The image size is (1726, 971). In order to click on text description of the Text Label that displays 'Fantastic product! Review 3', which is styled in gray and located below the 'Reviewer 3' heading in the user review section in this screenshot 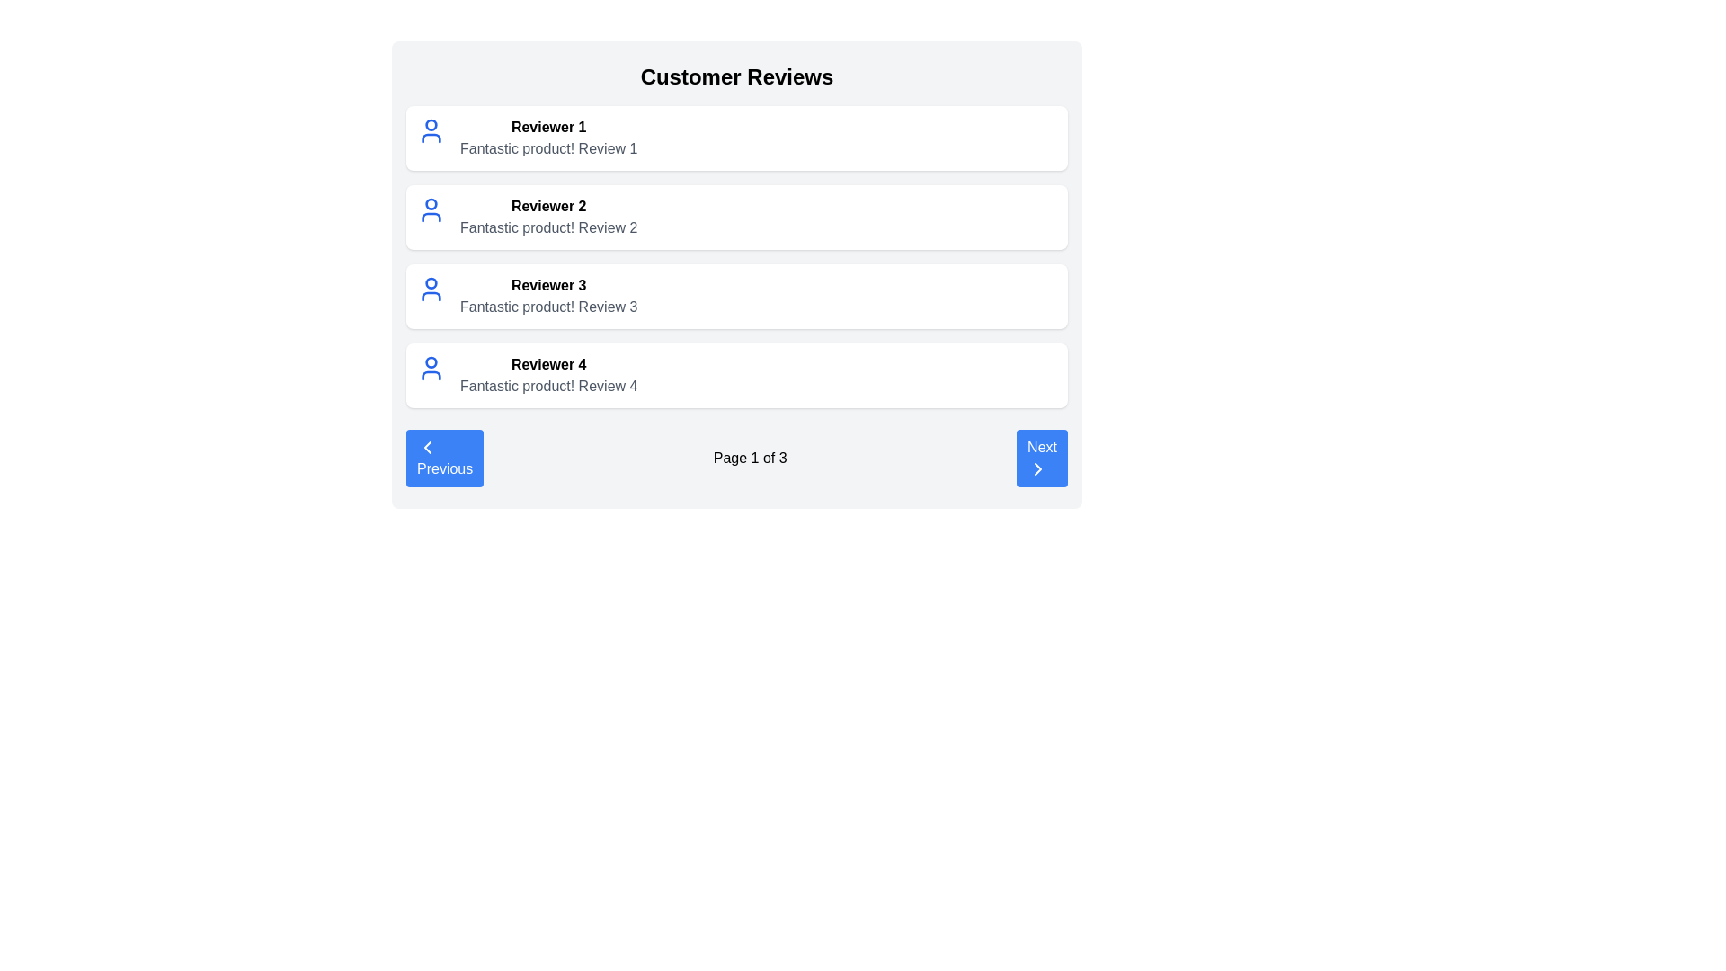, I will do `click(547, 307)`.